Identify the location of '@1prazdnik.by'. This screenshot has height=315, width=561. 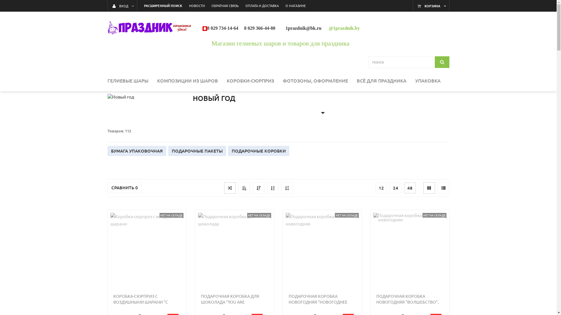
(344, 28).